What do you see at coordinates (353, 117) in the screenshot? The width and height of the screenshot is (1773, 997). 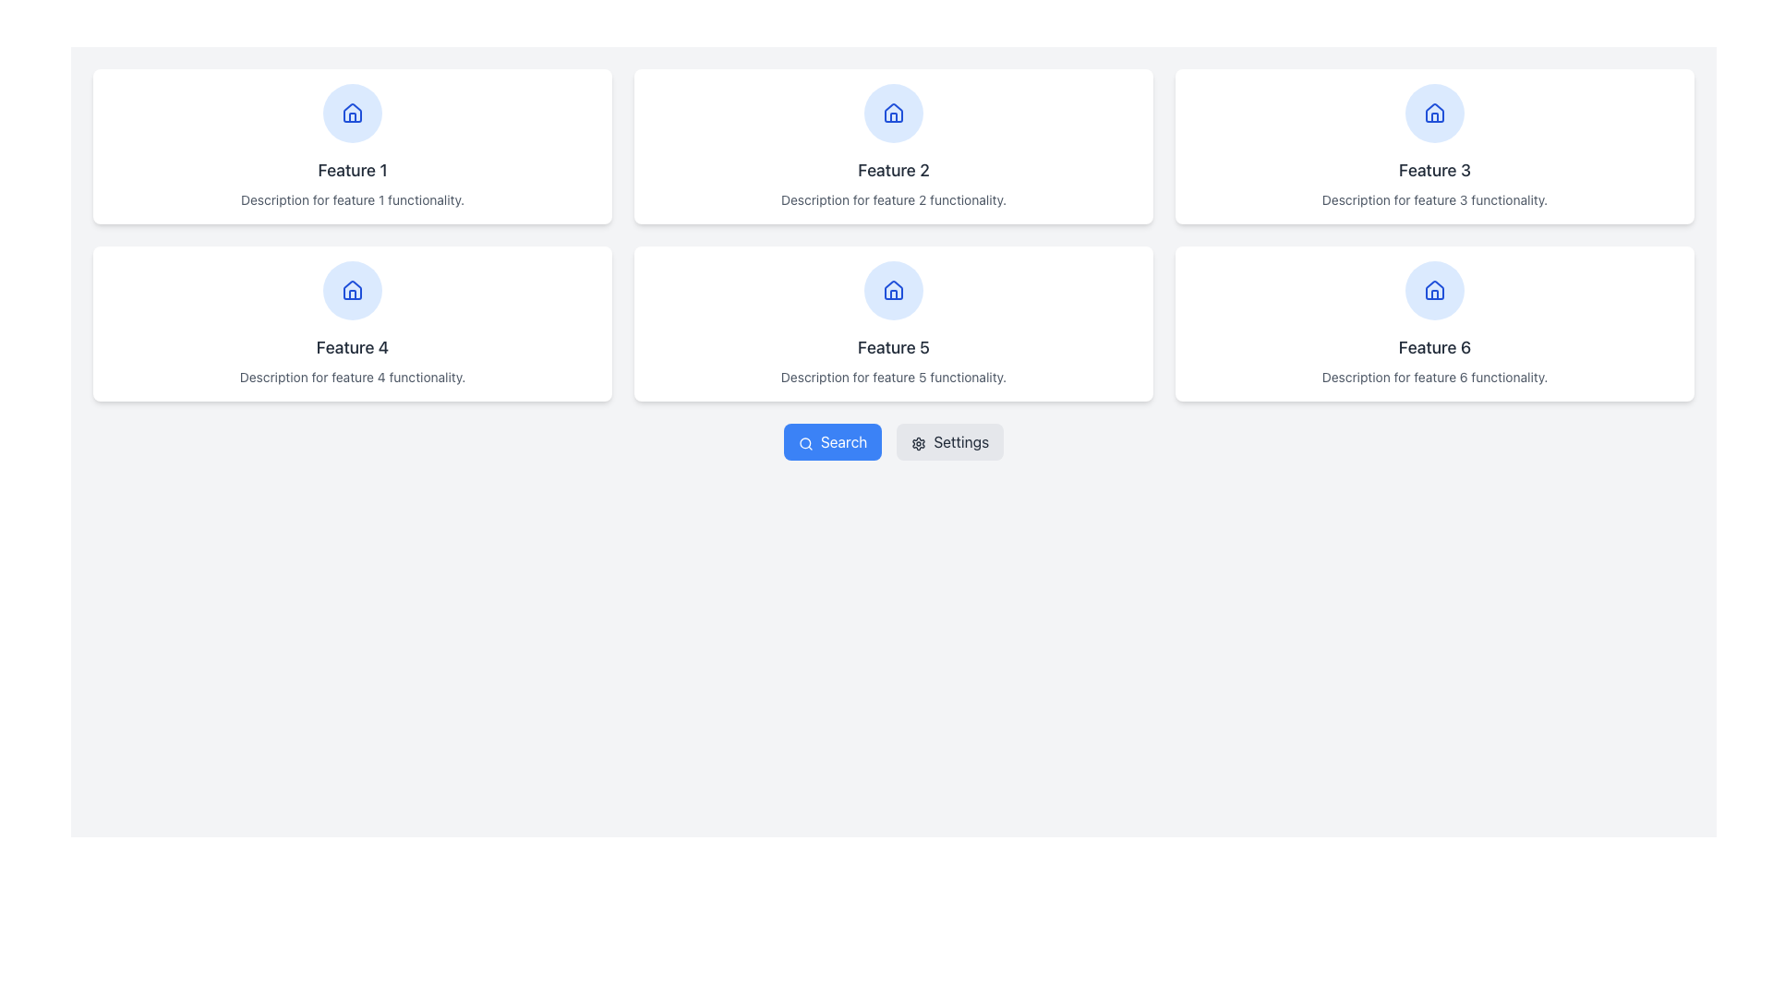 I see `the door icon in the top row, first column of the grid layout, located inside a circular blue icon above the title text 'Feature 1'` at bounding box center [353, 117].